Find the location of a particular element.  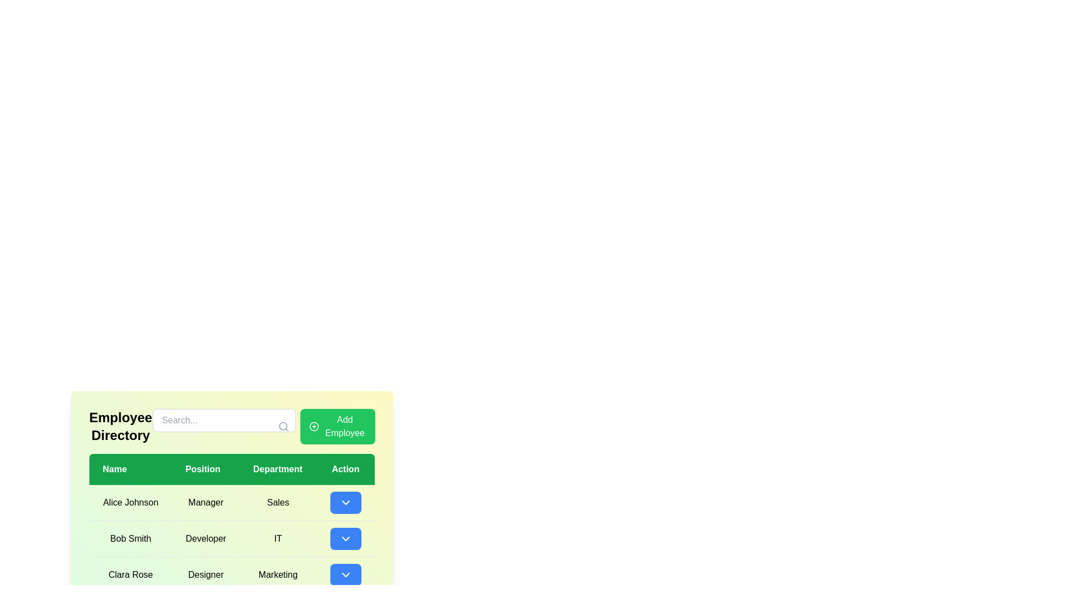

text 'IT' displayed in the second row of the employee details table under the 'Department' column is located at coordinates (278, 538).